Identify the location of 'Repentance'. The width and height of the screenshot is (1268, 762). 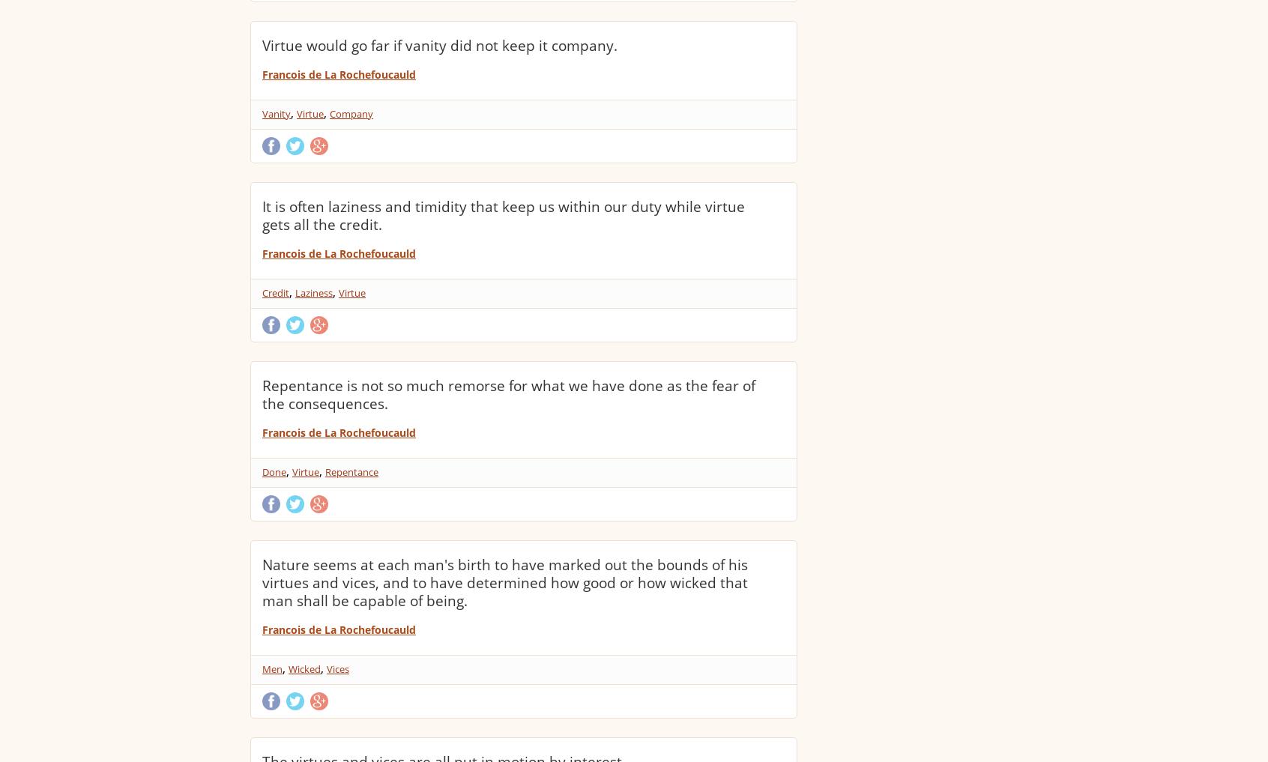
(351, 472).